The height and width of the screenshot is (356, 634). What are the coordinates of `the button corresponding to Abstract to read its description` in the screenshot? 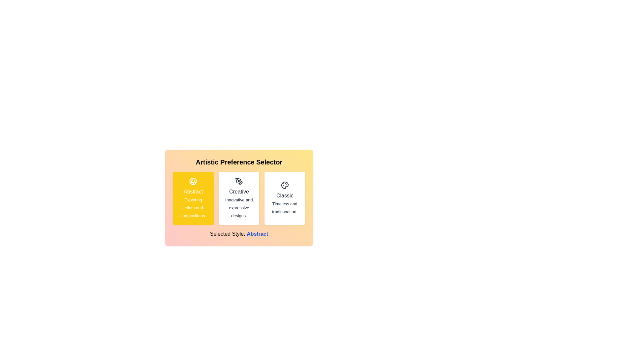 It's located at (193, 198).